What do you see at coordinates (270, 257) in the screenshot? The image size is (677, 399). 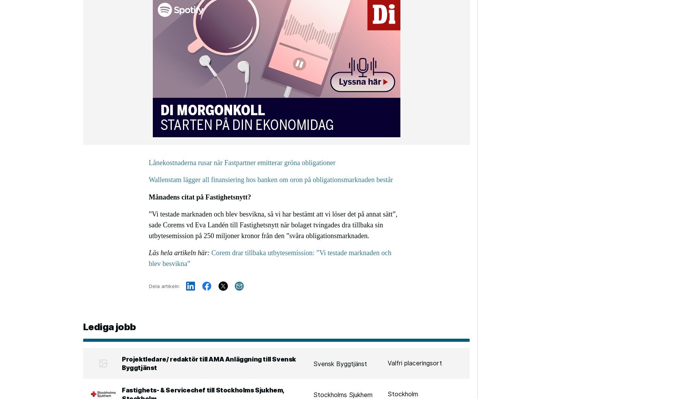 I see `'Corem drar tillbaka utbytesemission: ”Vi testade marknaden och blev besvikna”'` at bounding box center [270, 257].